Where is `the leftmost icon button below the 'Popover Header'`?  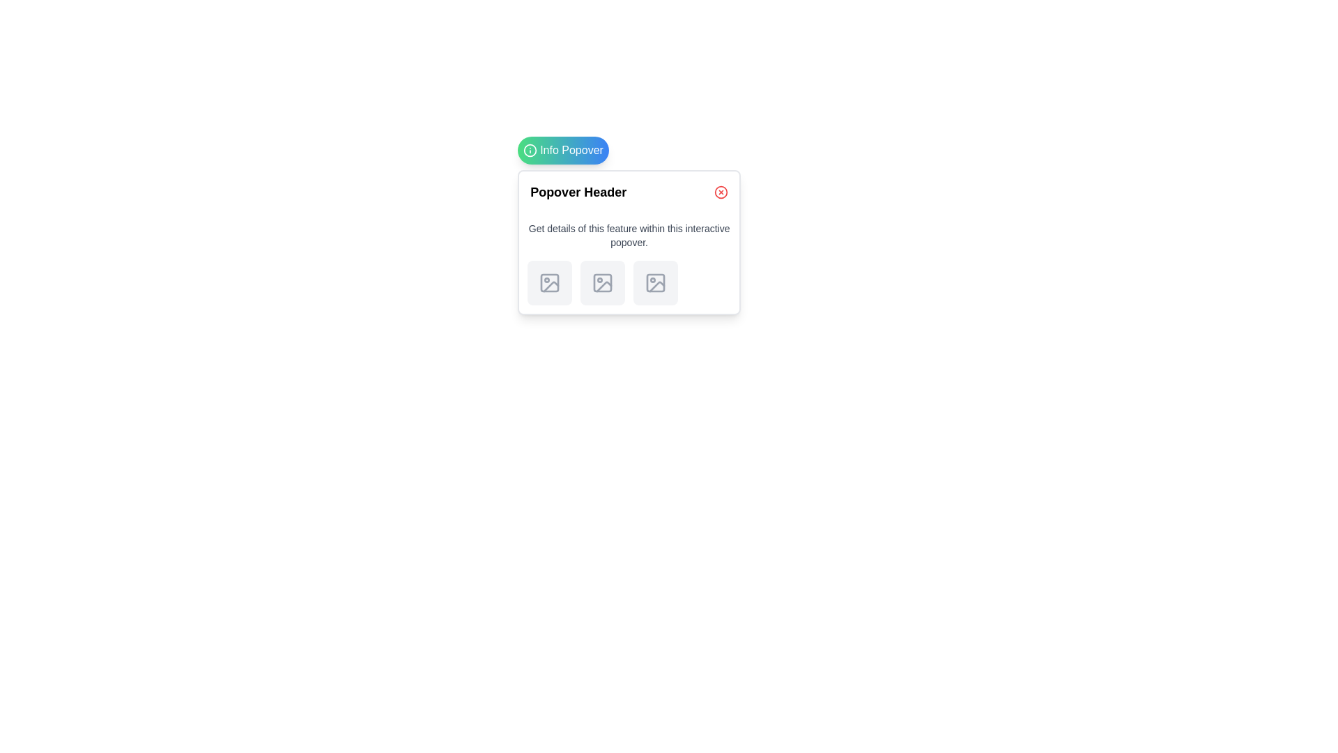
the leftmost icon button below the 'Popover Header' is located at coordinates (549, 282).